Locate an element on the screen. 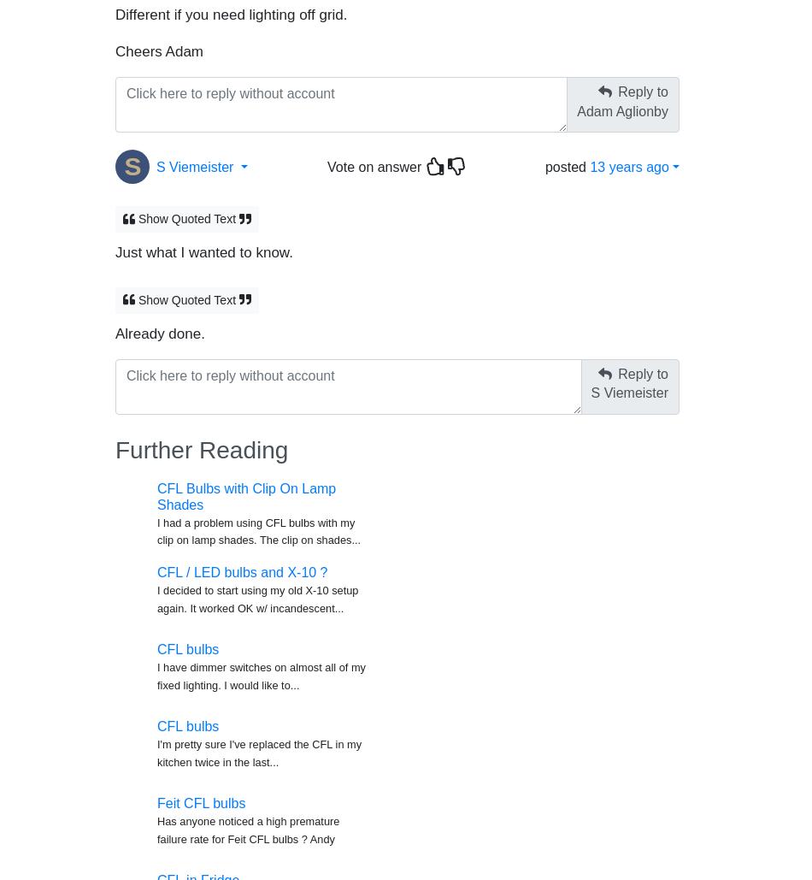  'CFL Bulbs with Clip On Lamp Shades' is located at coordinates (245, 487).